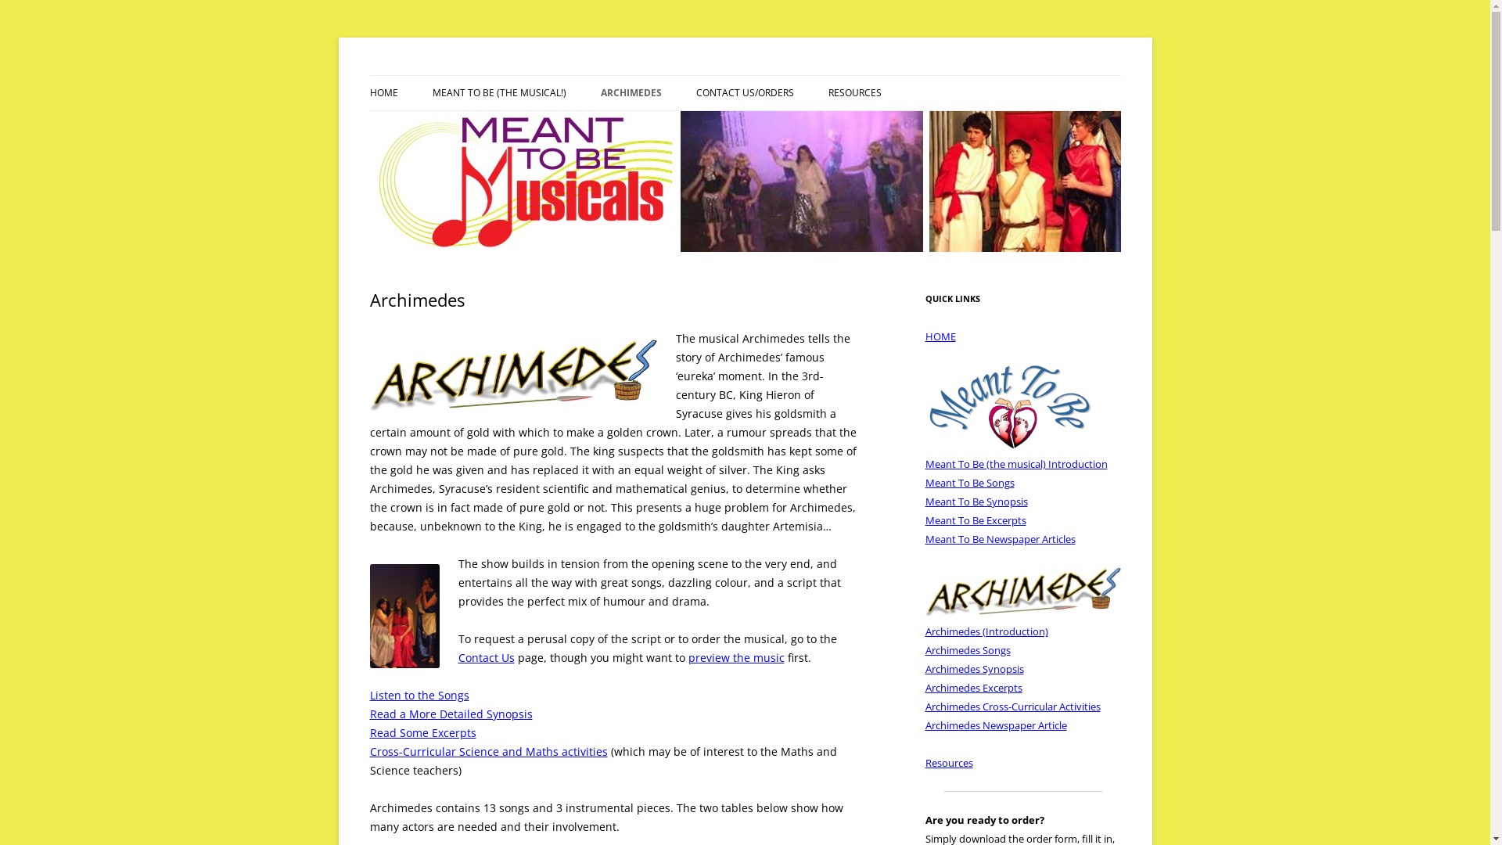 Image resolution: width=1502 pixels, height=845 pixels. I want to click on 'Archimedes Songs', so click(966, 649).